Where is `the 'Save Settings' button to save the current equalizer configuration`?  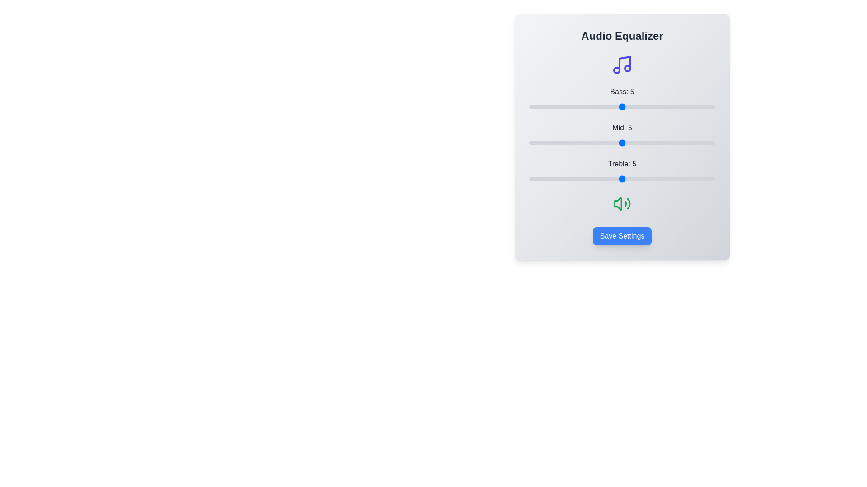
the 'Save Settings' button to save the current equalizer configuration is located at coordinates (621, 236).